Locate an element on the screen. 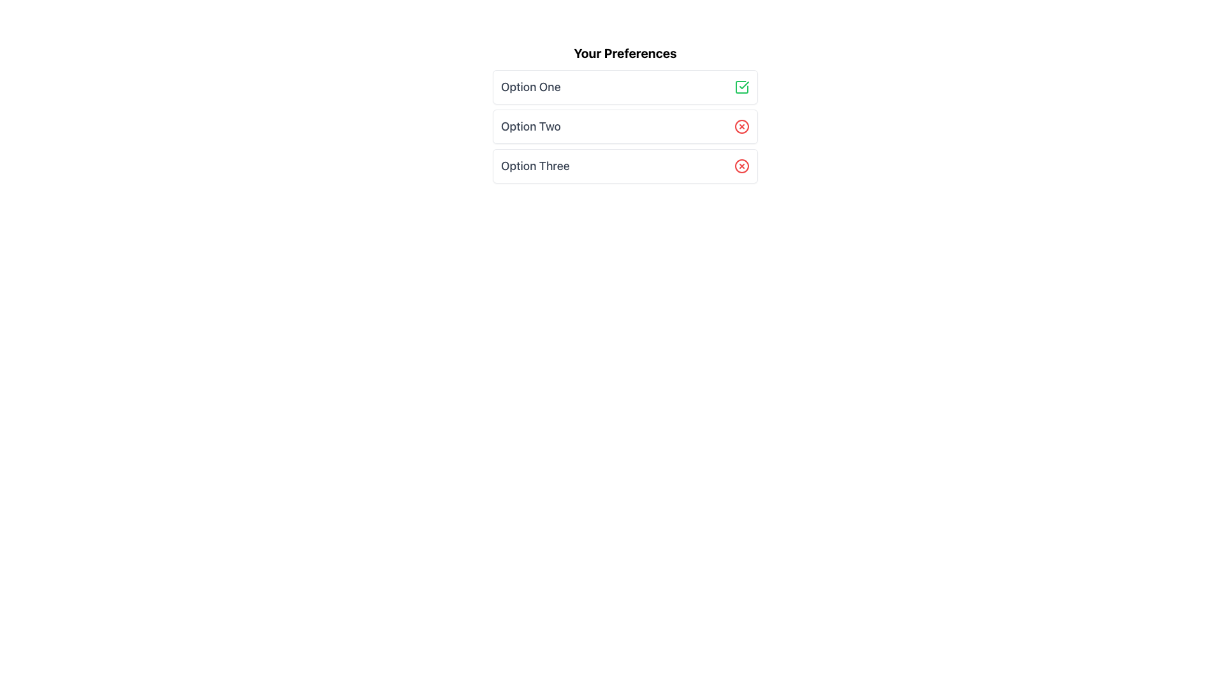 This screenshot has height=688, width=1224. the visual indicator icon that marks the selected state of the first option in the list, located to the right of 'Option One' under 'Your Preferences' is located at coordinates (741, 87).